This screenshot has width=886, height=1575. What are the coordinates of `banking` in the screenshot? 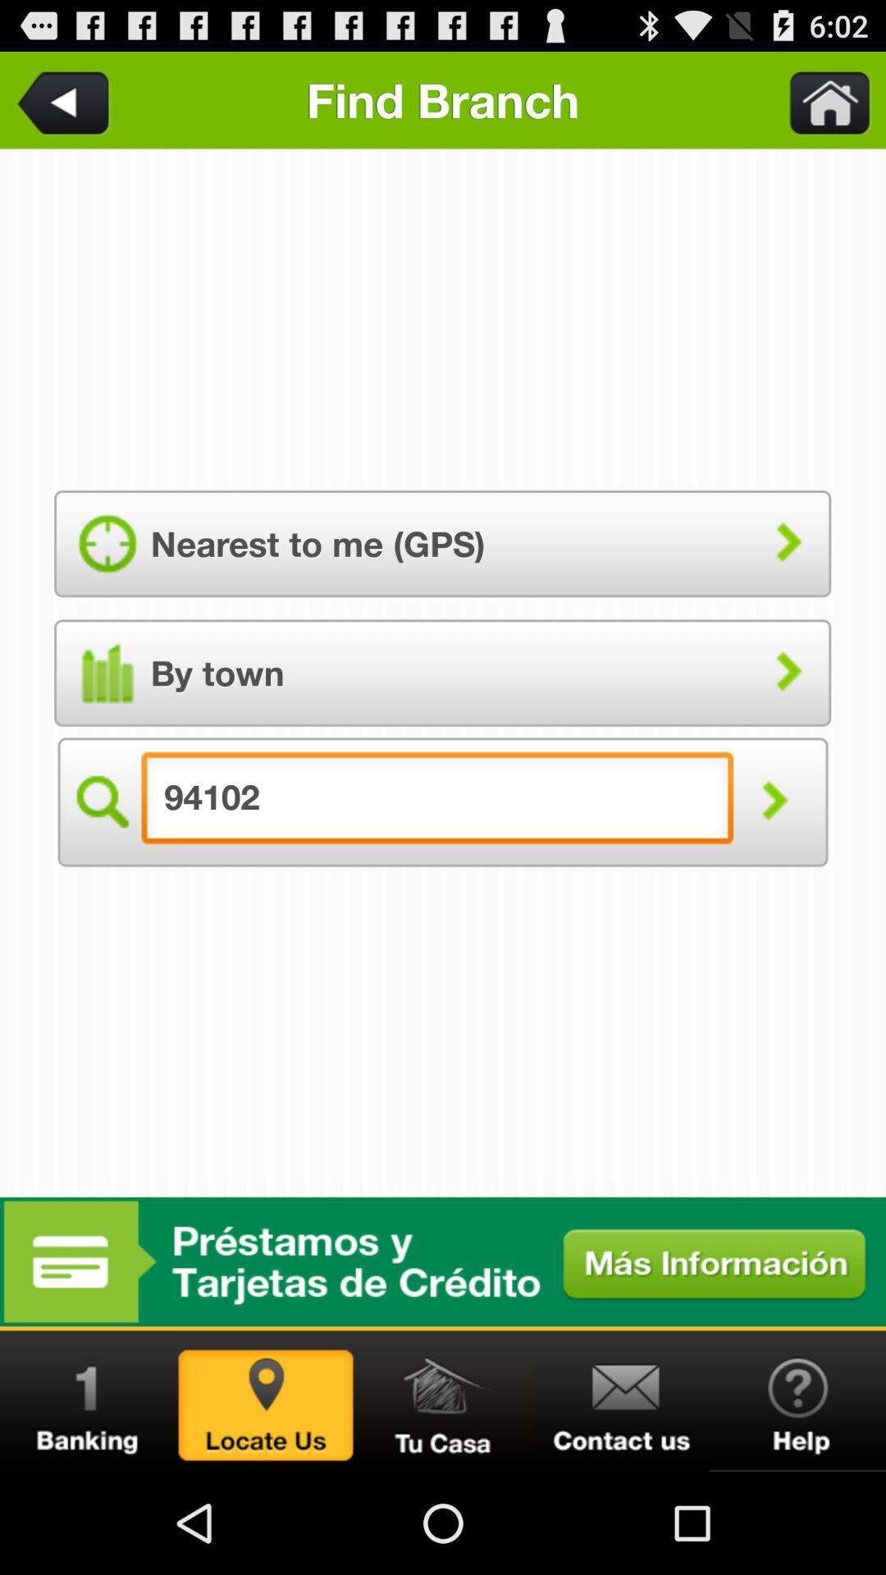 It's located at (89, 1400).